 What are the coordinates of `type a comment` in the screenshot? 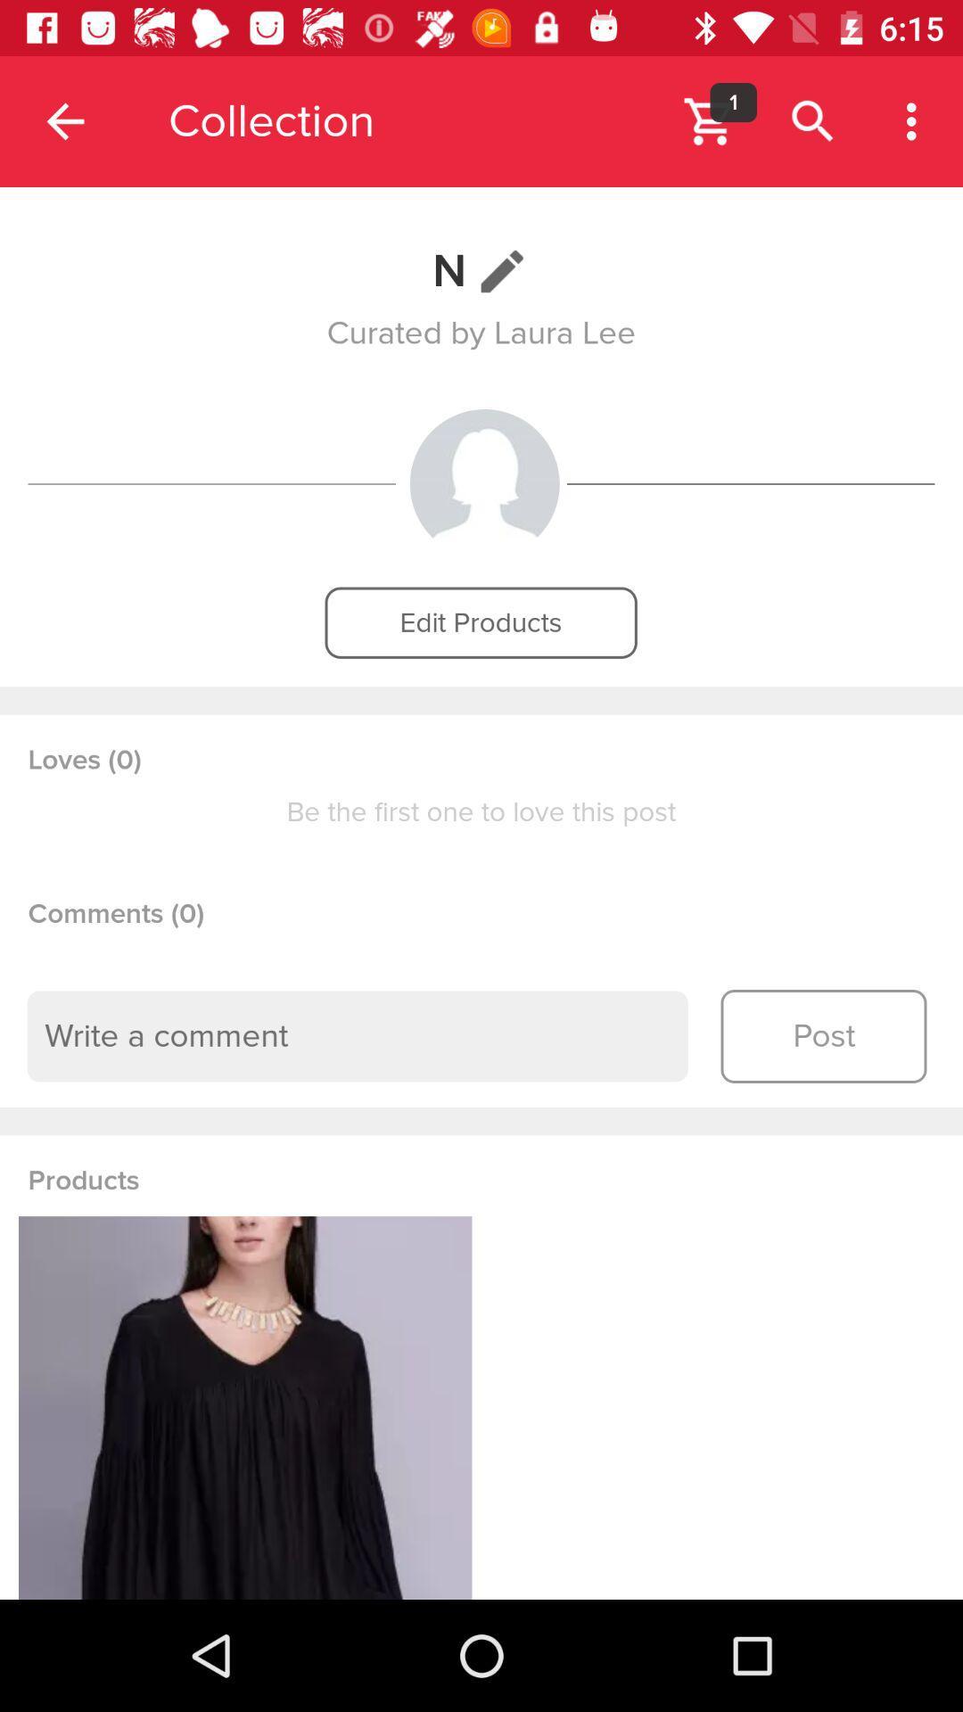 It's located at (358, 1036).